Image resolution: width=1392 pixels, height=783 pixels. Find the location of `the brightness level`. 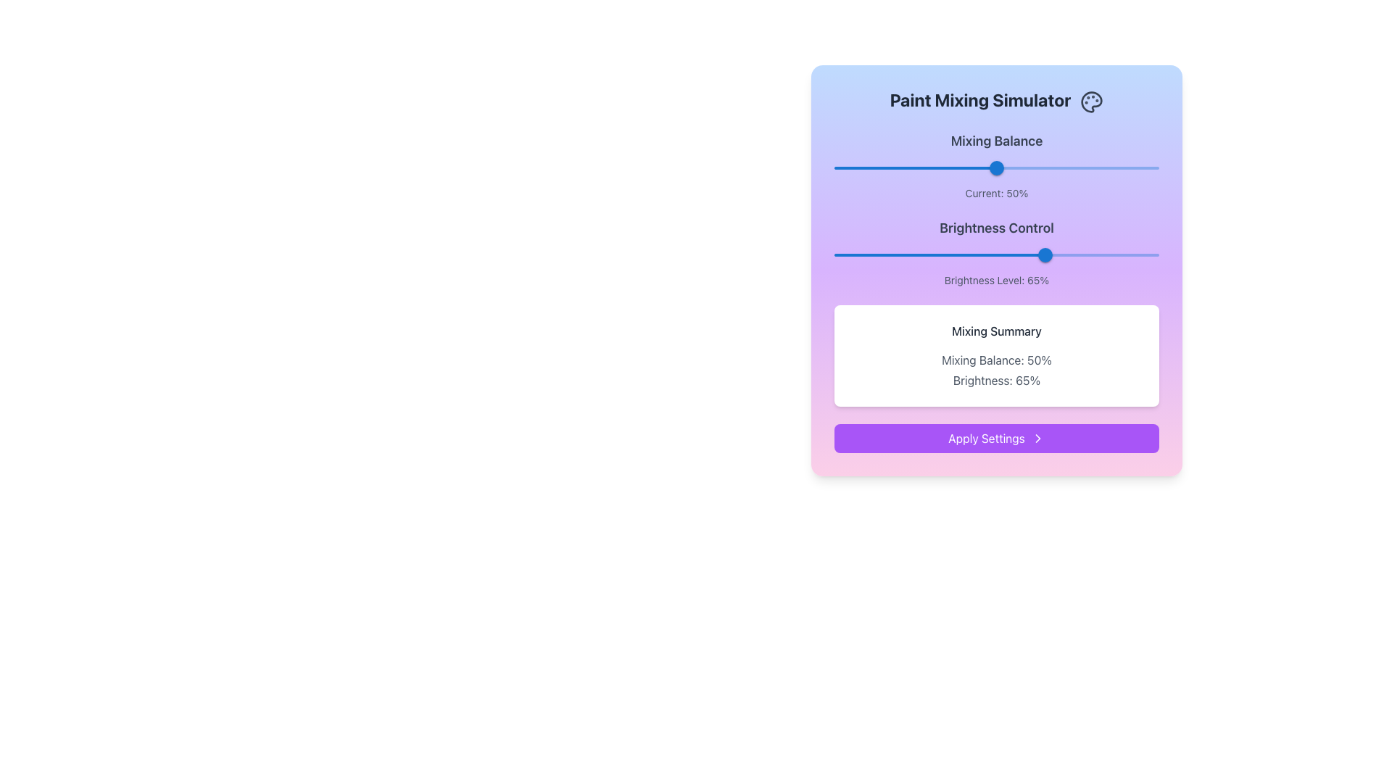

the brightness level is located at coordinates (932, 254).